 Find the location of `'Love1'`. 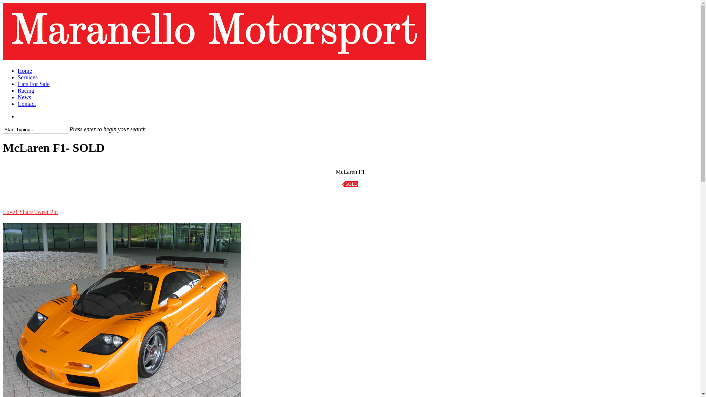

'Love1' is located at coordinates (10, 212).